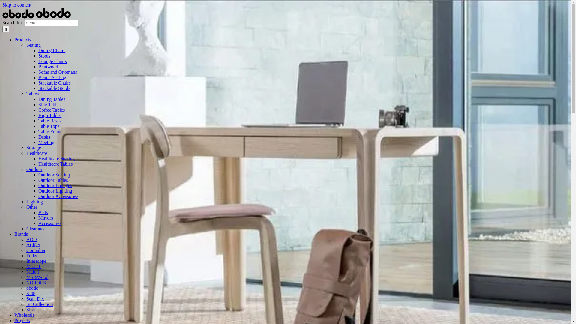 The width and height of the screenshot is (576, 324). I want to click on 'Healthcare Tables', so click(55, 164).